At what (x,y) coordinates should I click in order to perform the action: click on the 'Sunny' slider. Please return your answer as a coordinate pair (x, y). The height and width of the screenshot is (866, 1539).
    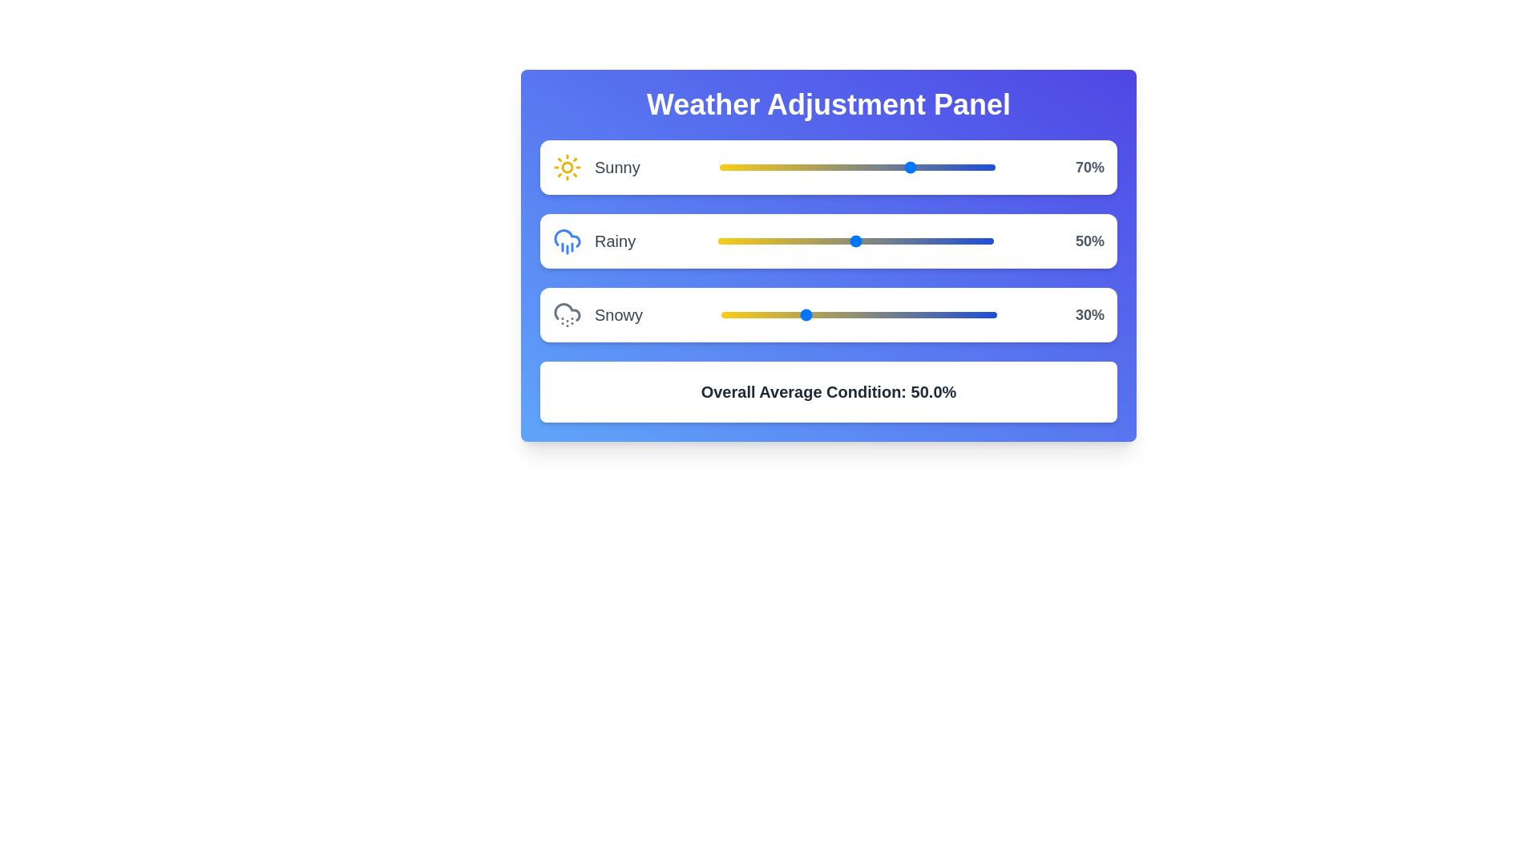
    Looking at the image, I should click on (810, 164).